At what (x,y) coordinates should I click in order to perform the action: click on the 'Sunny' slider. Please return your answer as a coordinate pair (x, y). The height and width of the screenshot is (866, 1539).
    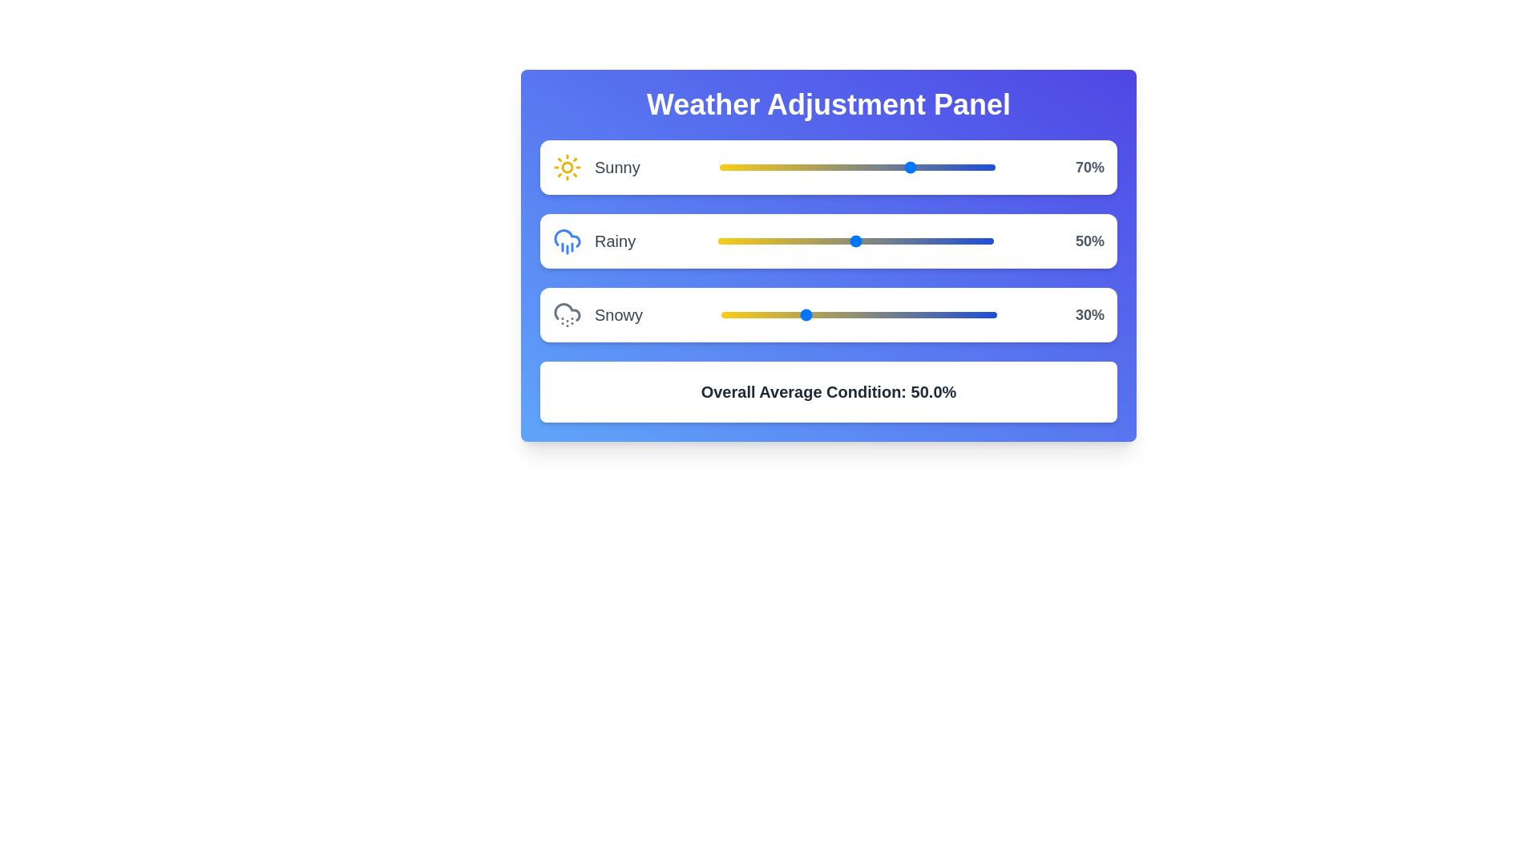
    Looking at the image, I should click on (810, 164).